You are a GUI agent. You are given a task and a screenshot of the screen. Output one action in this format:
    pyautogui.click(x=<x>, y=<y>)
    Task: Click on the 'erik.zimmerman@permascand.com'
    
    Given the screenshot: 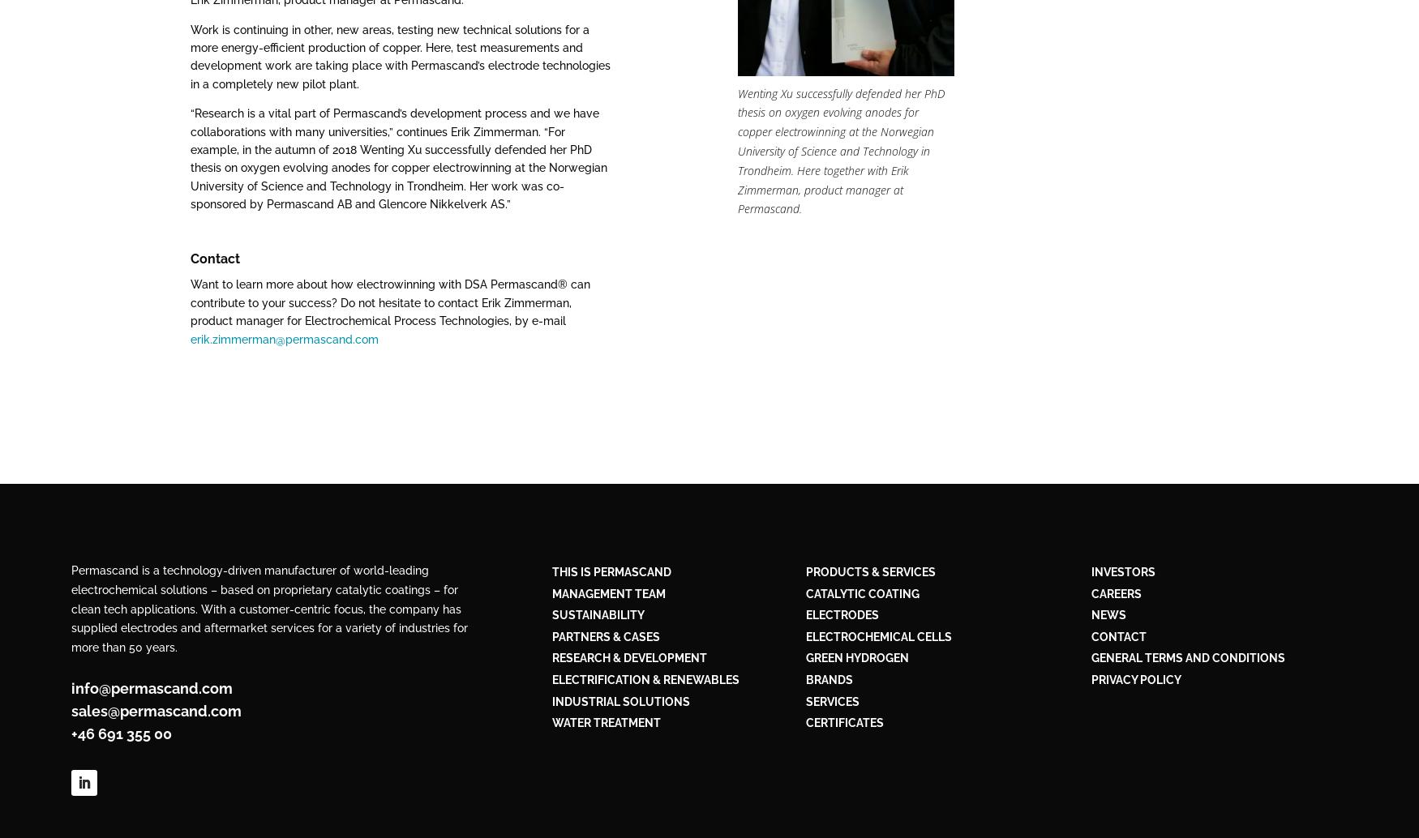 What is the action you would take?
    pyautogui.click(x=285, y=338)
    